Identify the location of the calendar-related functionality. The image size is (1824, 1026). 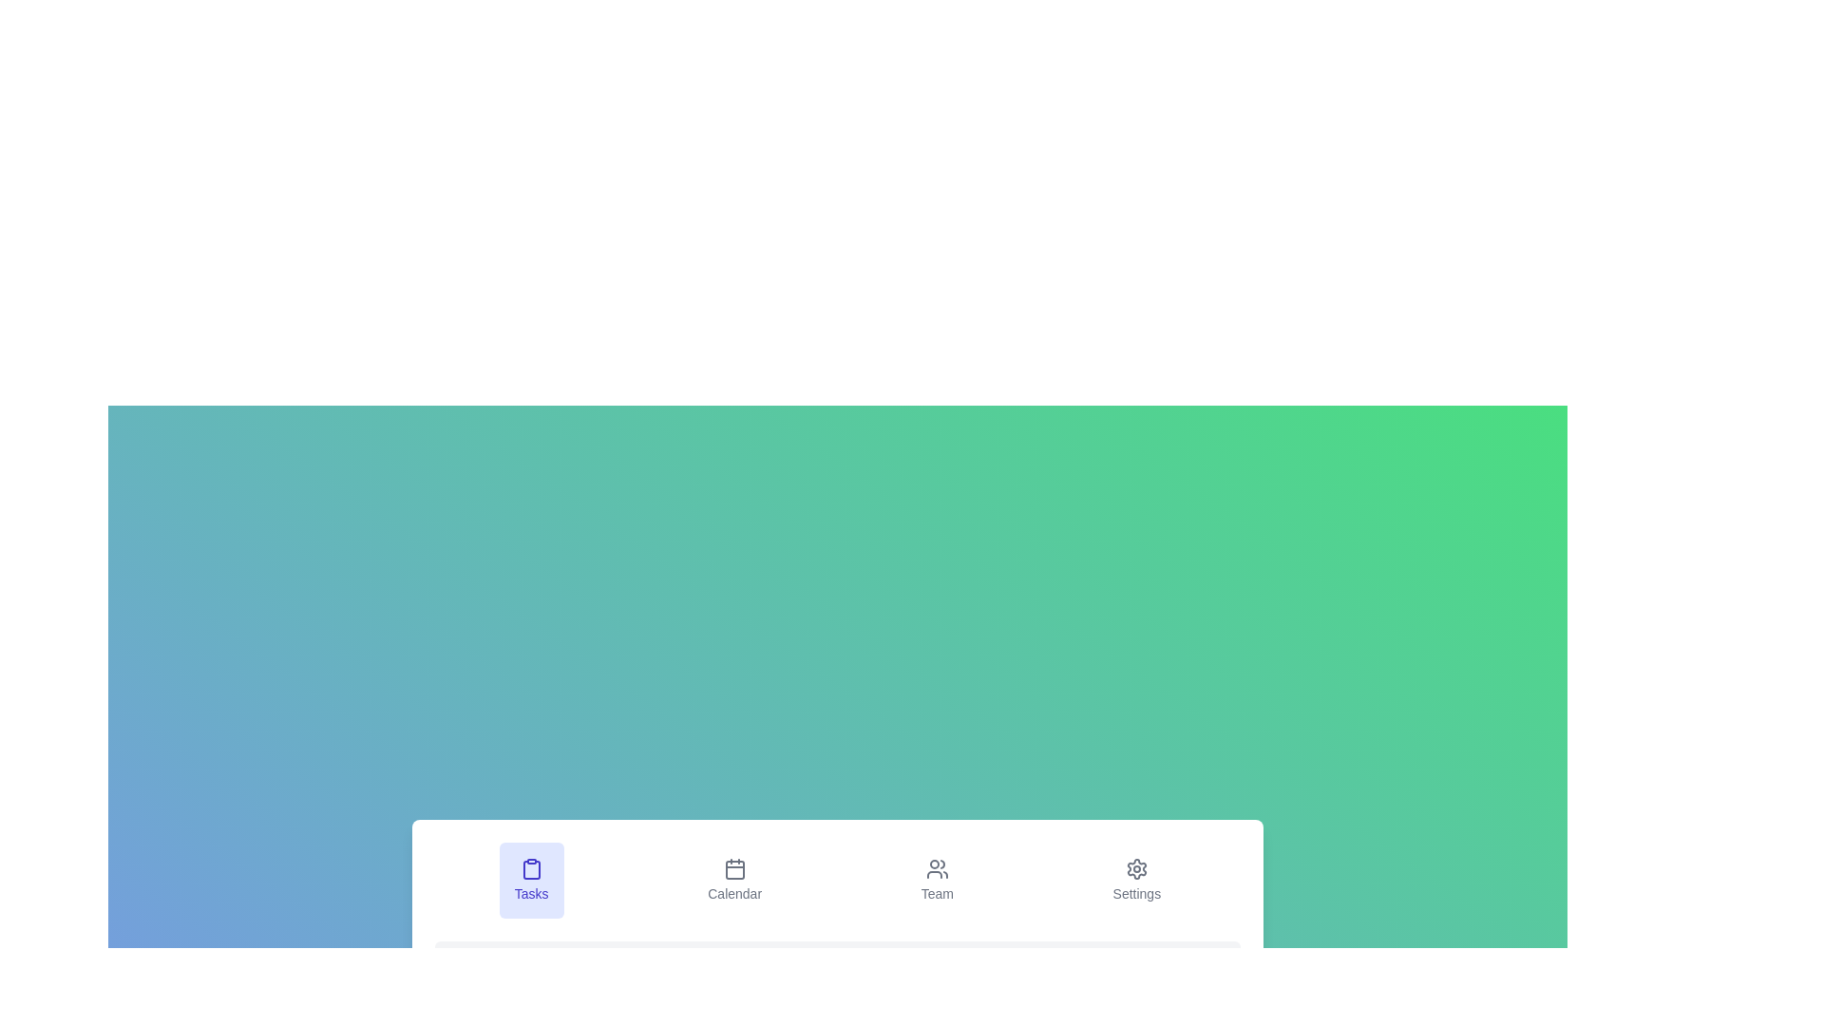
(733, 894).